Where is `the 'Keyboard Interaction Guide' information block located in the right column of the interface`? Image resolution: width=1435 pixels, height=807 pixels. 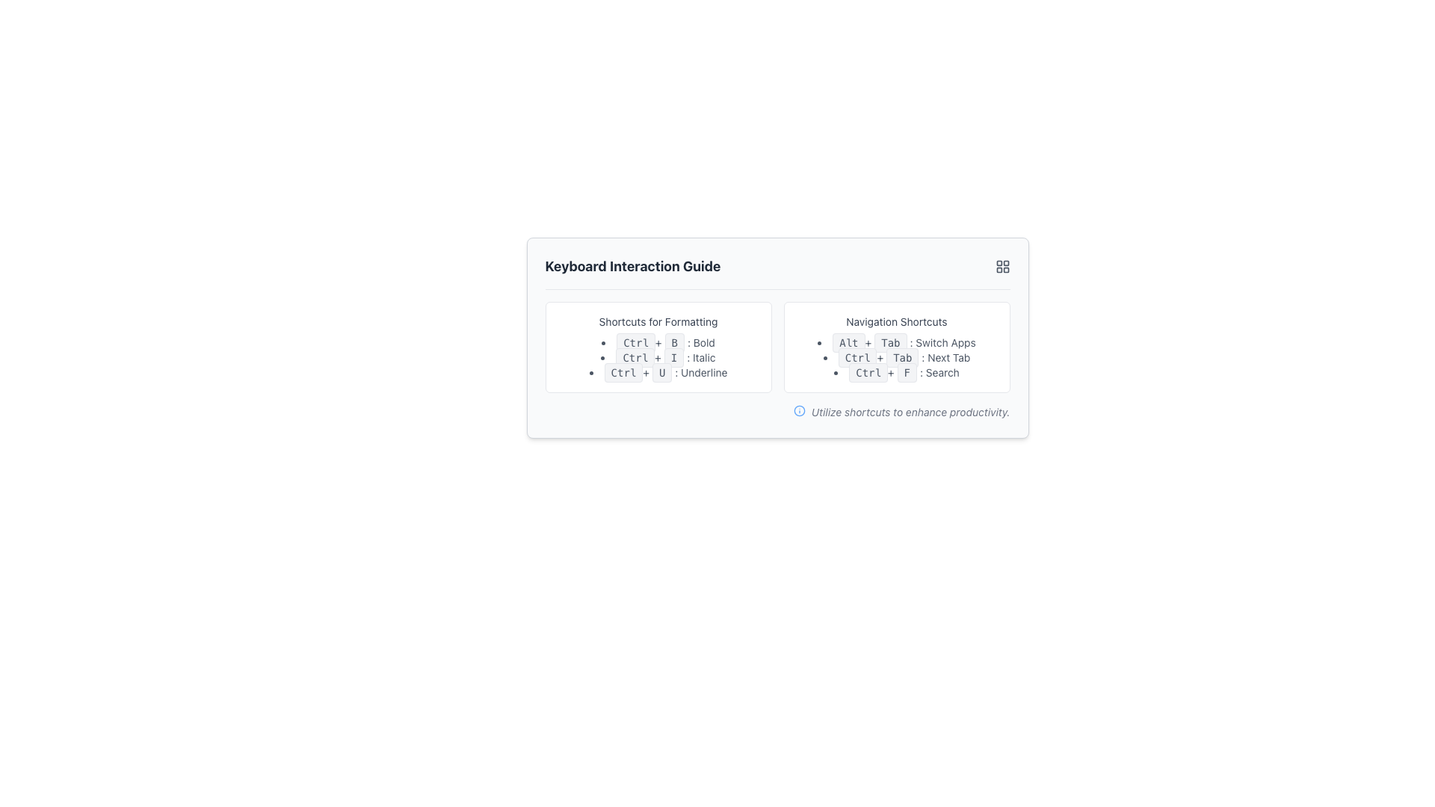 the 'Keyboard Interaction Guide' information block located in the right column of the interface is located at coordinates (897, 347).